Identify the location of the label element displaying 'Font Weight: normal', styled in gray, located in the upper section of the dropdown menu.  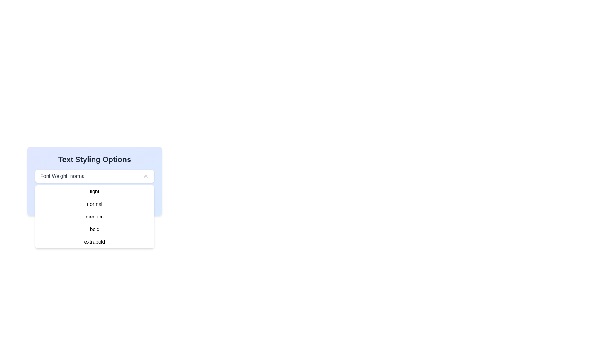
(63, 176).